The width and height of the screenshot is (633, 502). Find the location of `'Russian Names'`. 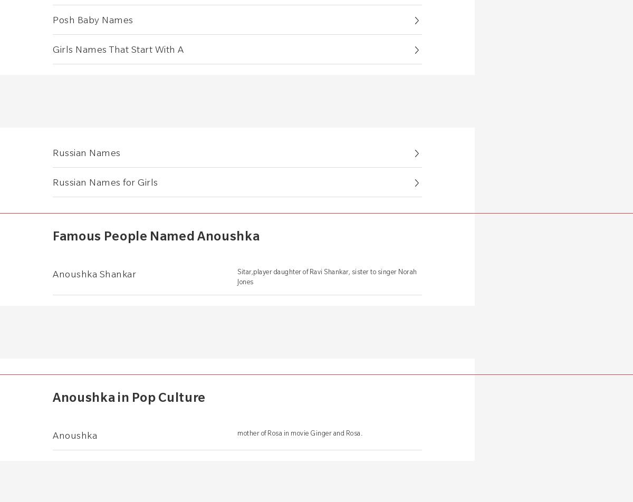

'Russian Names' is located at coordinates (86, 152).